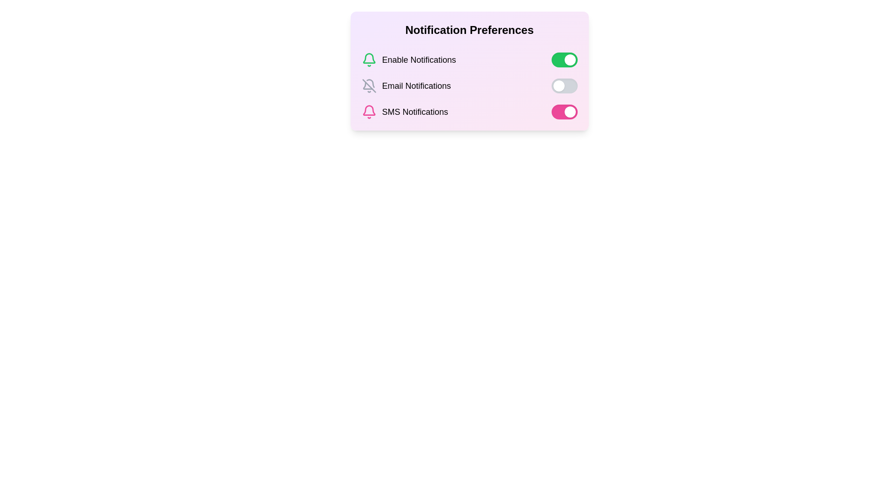 The width and height of the screenshot is (893, 502). I want to click on text of the notification preference for email notifications, which is located in the second row of the vertical list, below 'Enable Notifications' and above 'SMS Notifications', so click(406, 86).